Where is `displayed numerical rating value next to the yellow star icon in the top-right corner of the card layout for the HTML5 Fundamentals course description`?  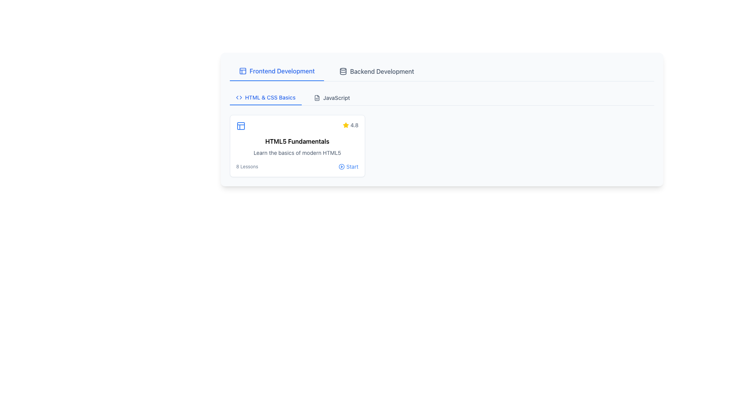
displayed numerical rating value next to the yellow star icon in the top-right corner of the card layout for the HTML5 Fundamentals course description is located at coordinates (354, 125).